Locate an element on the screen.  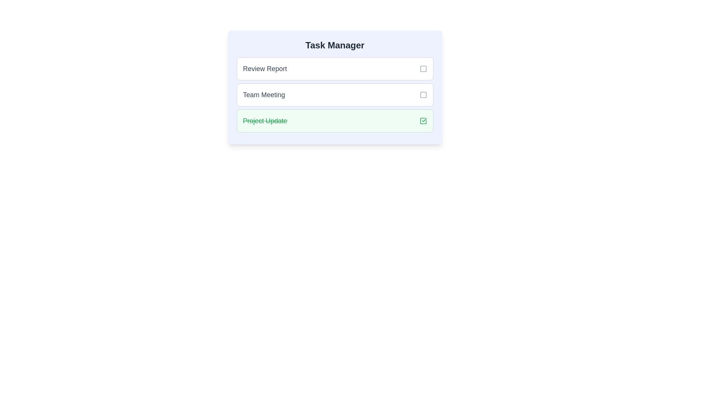
the text field displaying the completed task title in the third task item is located at coordinates (265, 120).